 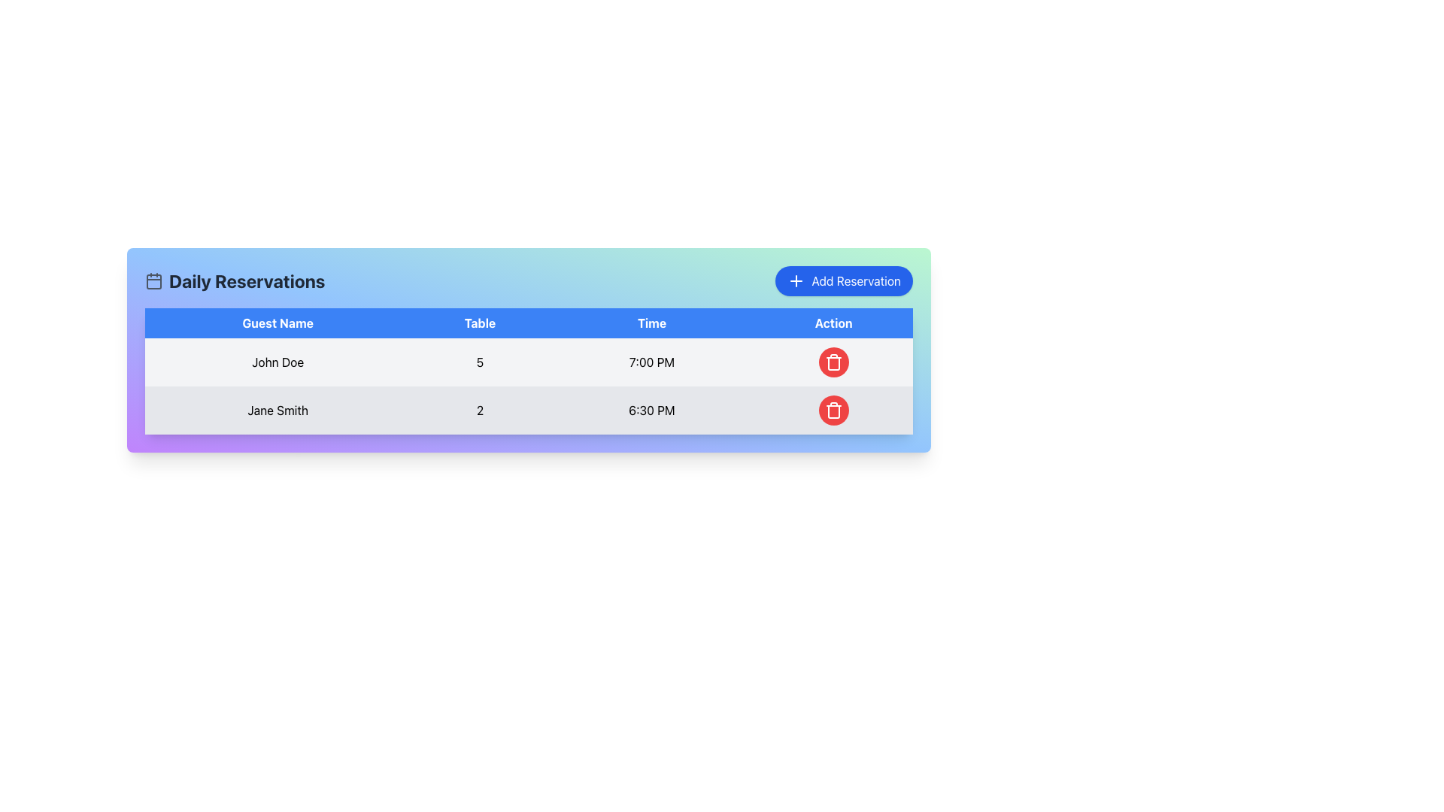 I want to click on the delete button in the 'Action' column of the 'Daily Reservations' section, corresponding to John Doe's reservation at Table 5 at 7:00 PM, so click(x=833, y=362).